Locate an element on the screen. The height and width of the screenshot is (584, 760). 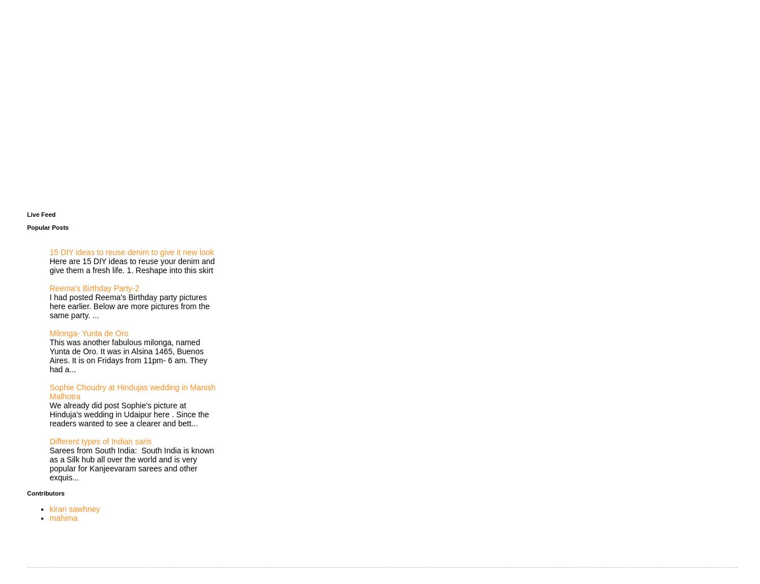
'kiran sawhney' is located at coordinates (74, 509).